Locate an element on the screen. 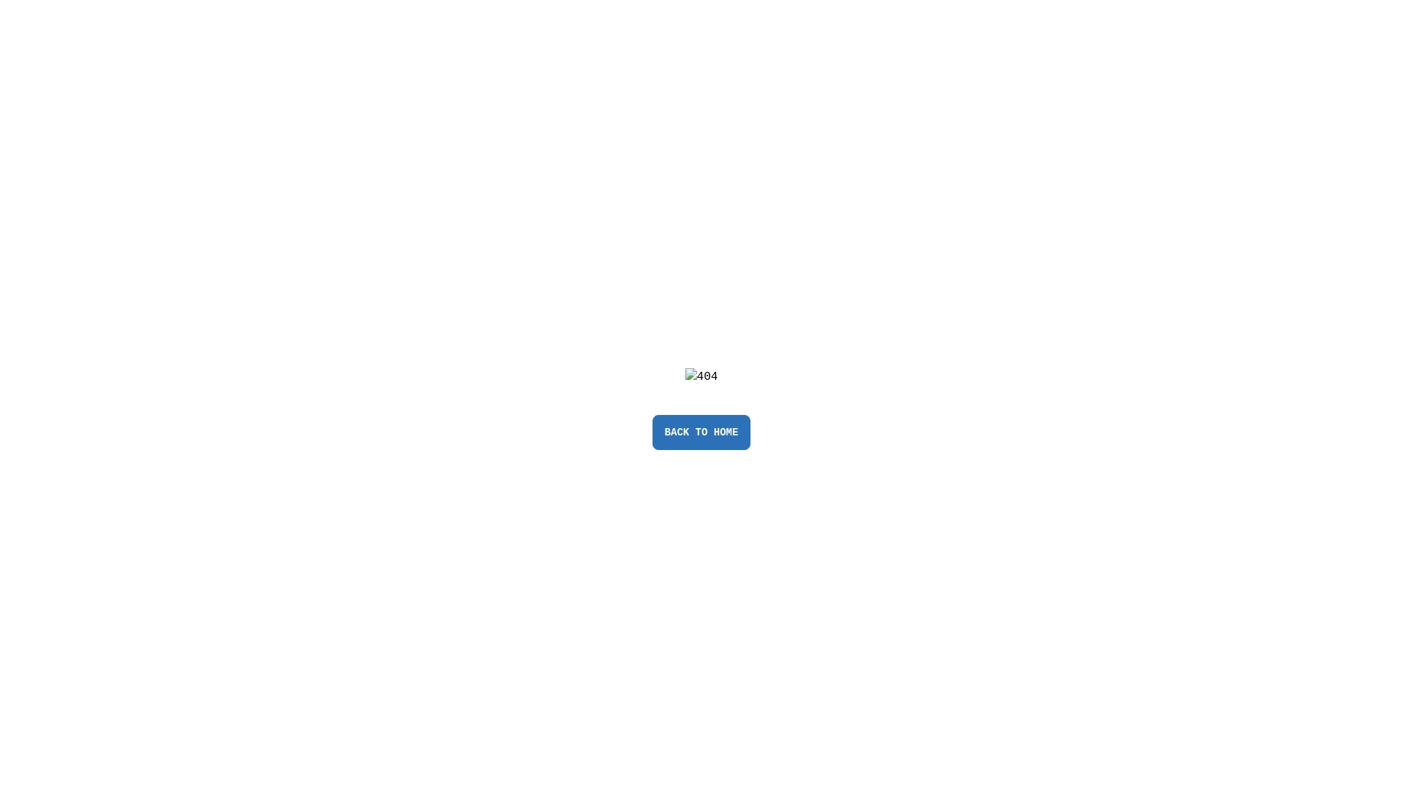  'BACK TO HOME' is located at coordinates (651, 431).